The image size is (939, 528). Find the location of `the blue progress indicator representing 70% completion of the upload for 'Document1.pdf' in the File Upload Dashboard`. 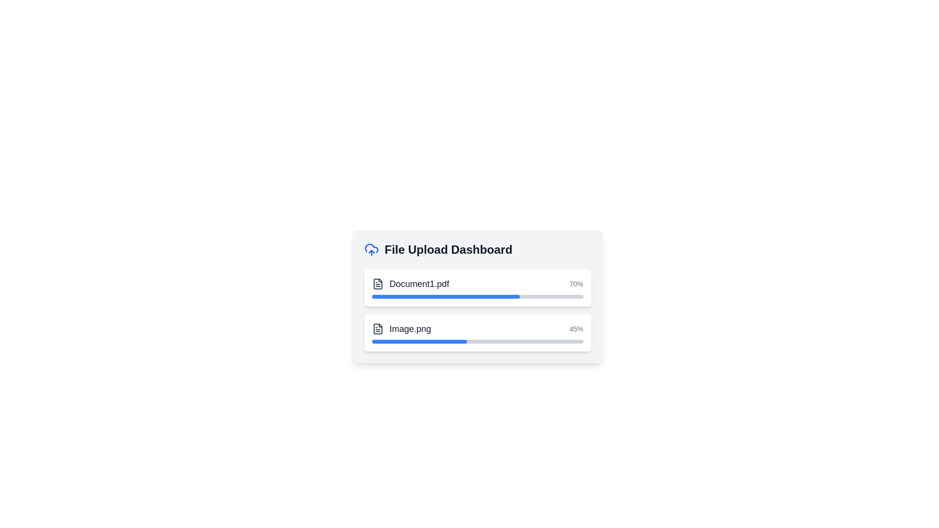

the blue progress indicator representing 70% completion of the upload for 'Document1.pdf' in the File Upload Dashboard is located at coordinates (445, 296).